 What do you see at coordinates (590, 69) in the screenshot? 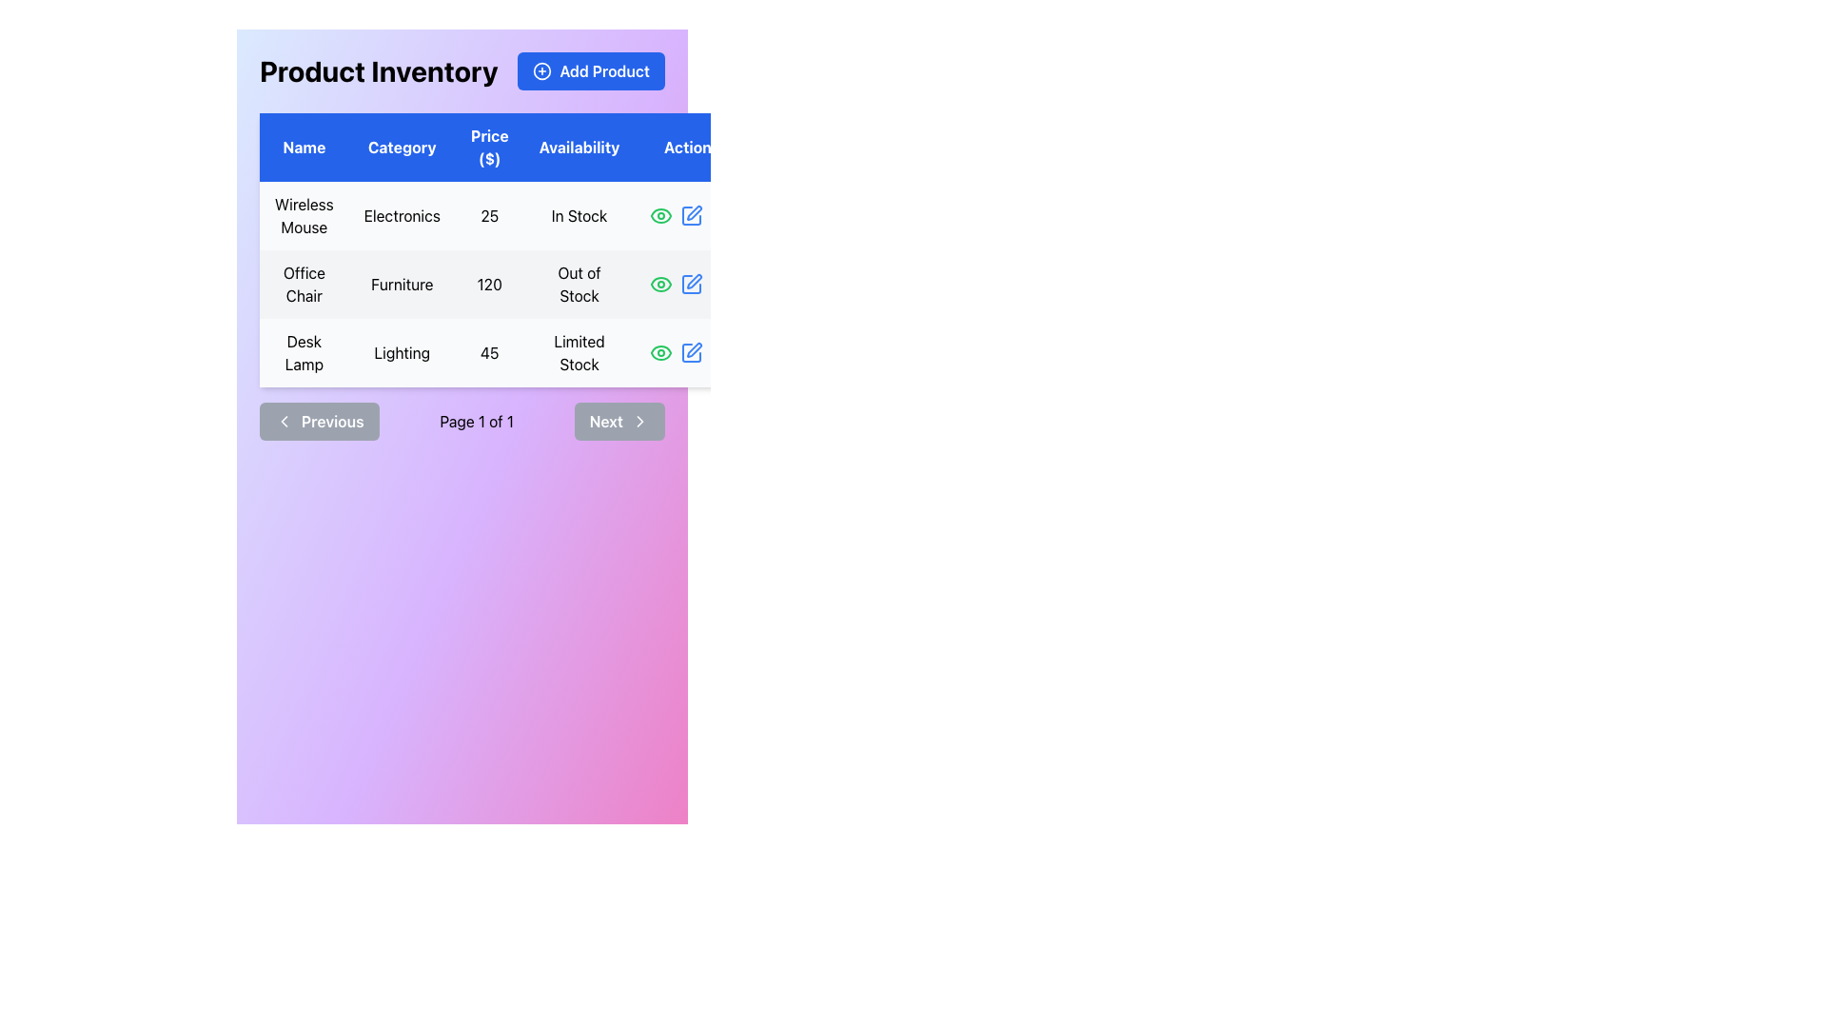
I see `the blue 'Add Product' button with white text and a circular plus icon, located next to the 'Product Inventory' heading` at bounding box center [590, 69].